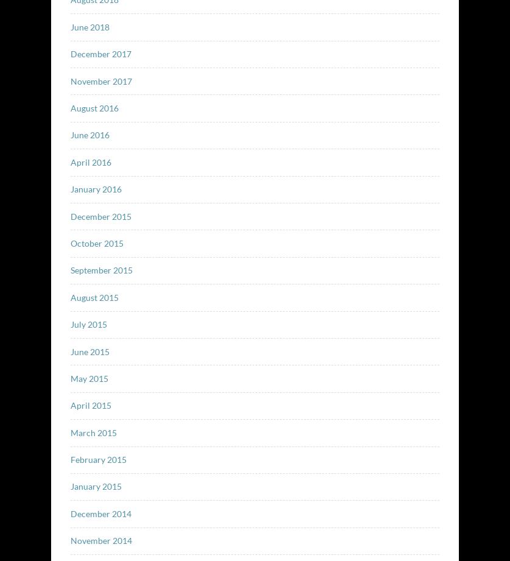  Describe the element at coordinates (94, 107) in the screenshot. I see `'August 2016'` at that location.